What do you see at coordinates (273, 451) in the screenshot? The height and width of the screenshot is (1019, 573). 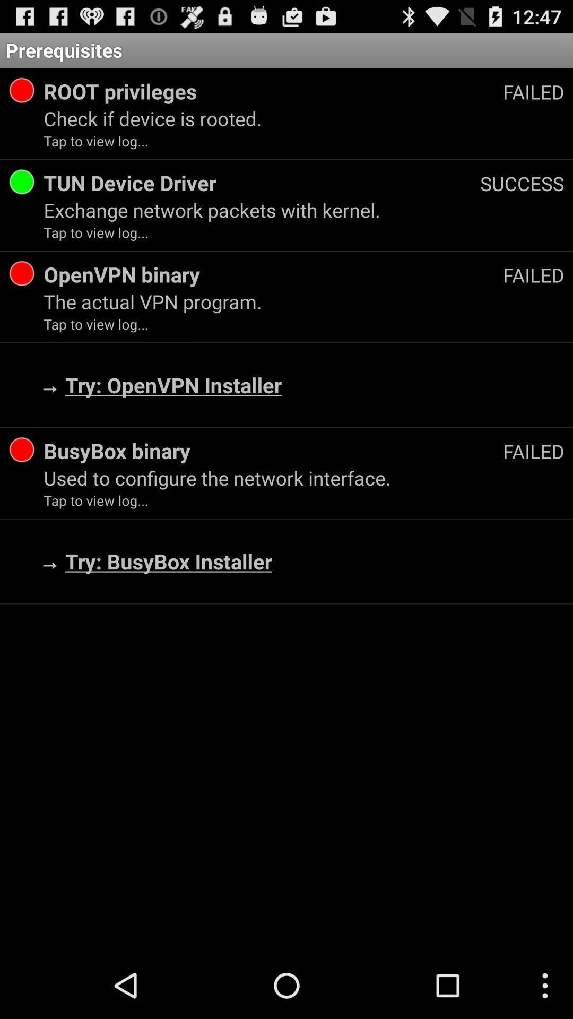 I see `app next to the failed app` at bounding box center [273, 451].